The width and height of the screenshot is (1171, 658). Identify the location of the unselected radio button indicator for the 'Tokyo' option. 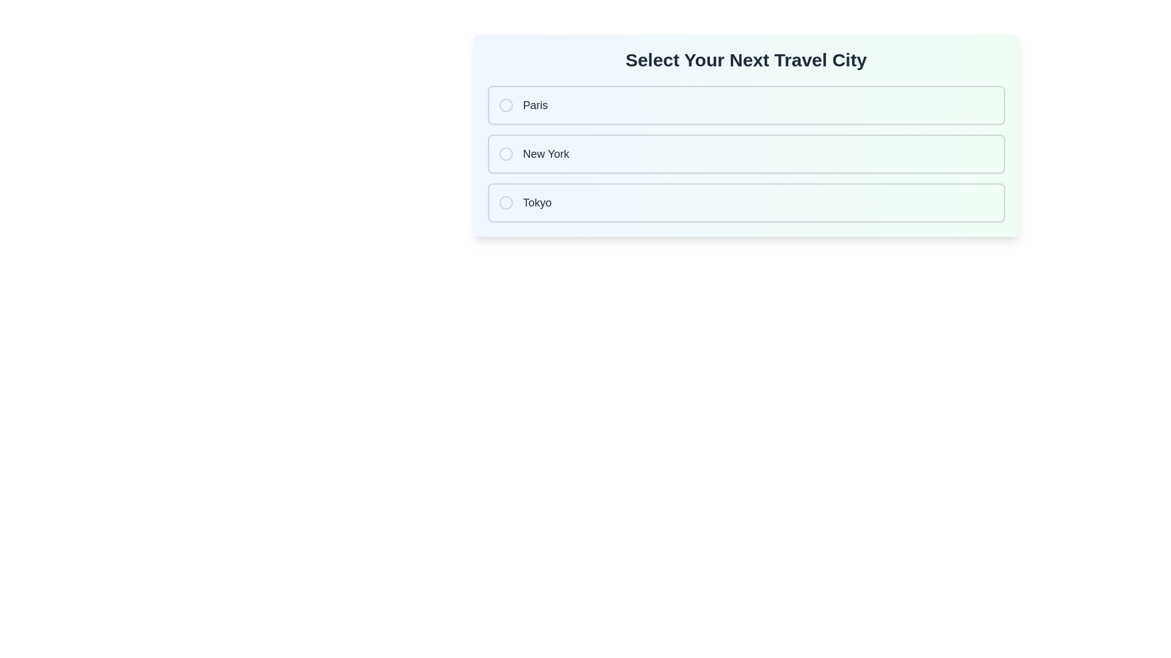
(506, 202).